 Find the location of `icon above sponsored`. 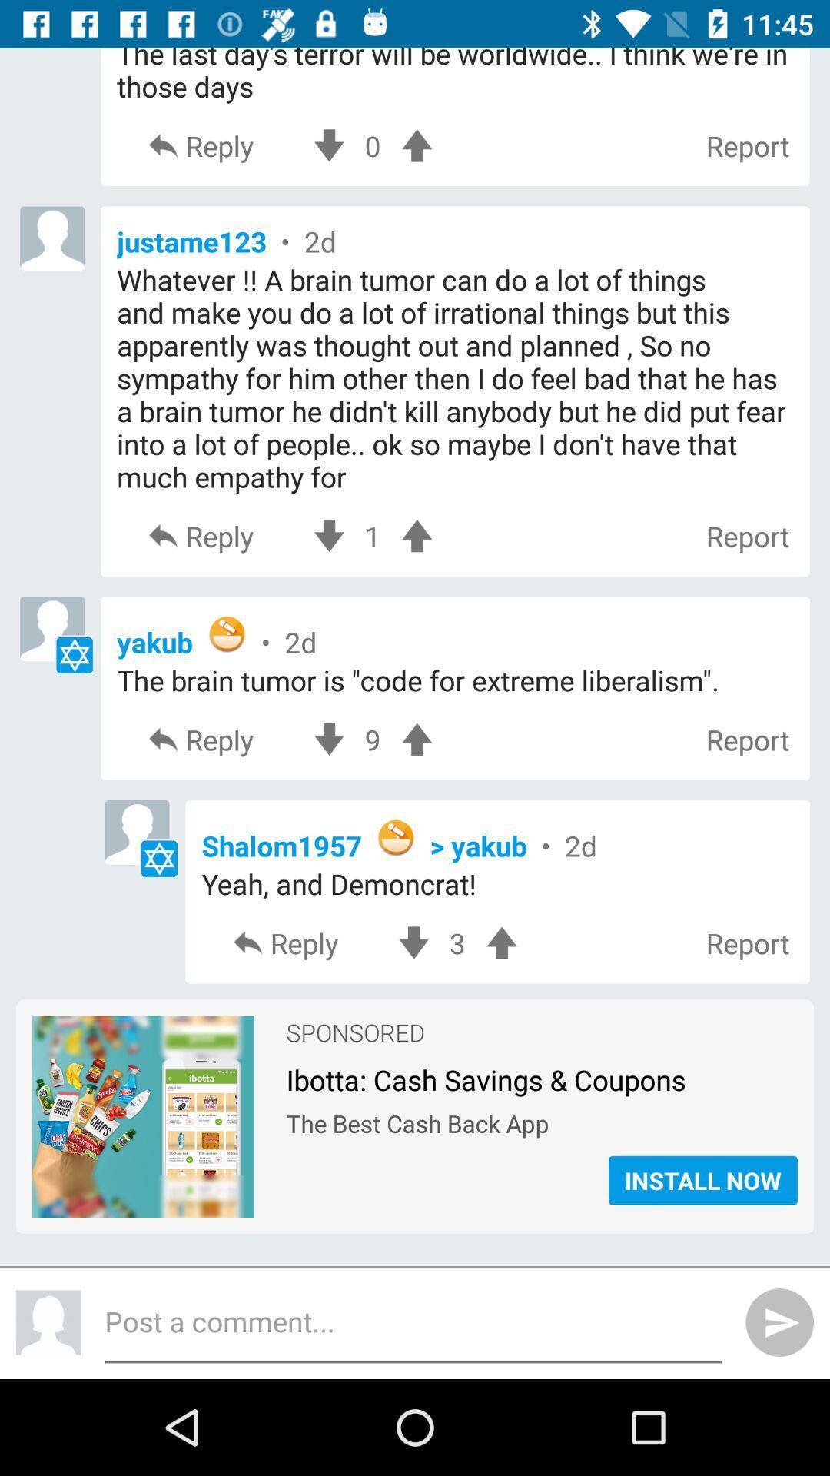

icon above sponsored is located at coordinates (456, 942).